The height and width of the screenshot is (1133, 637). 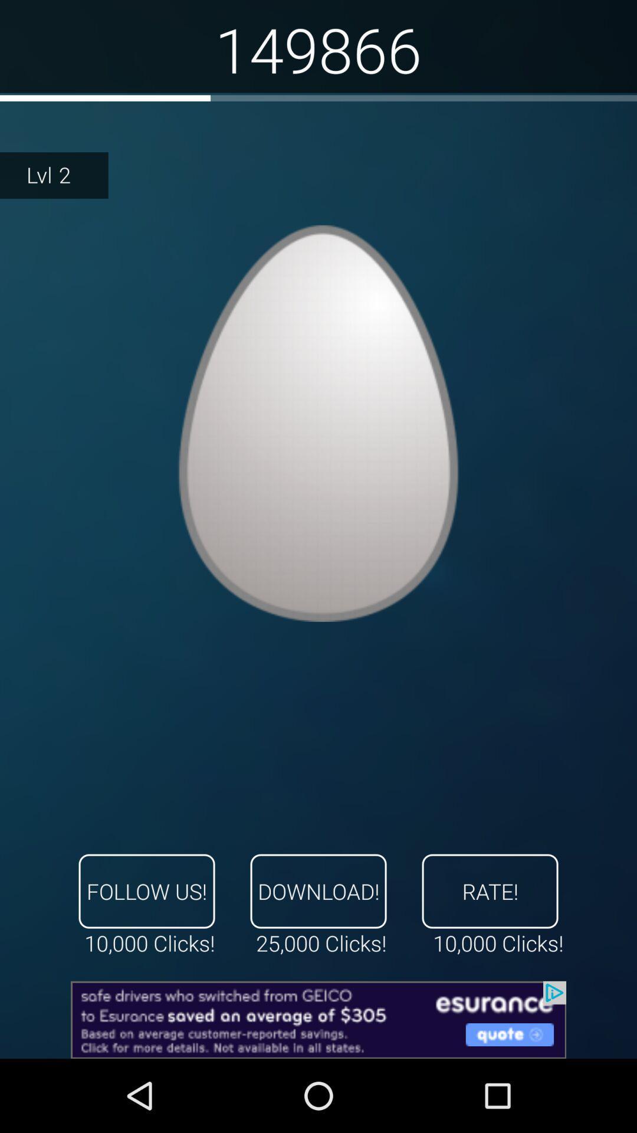 I want to click on open advertisement, so click(x=318, y=1019).